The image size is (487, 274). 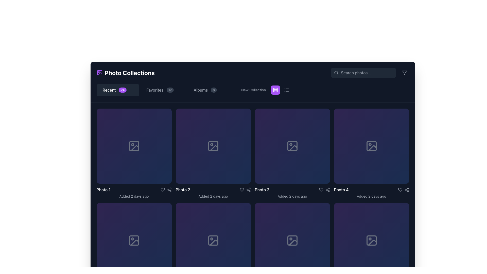 What do you see at coordinates (134, 153) in the screenshot?
I see `the first photo card in the grid layout, which serves as a visual representation for a photo item` at bounding box center [134, 153].